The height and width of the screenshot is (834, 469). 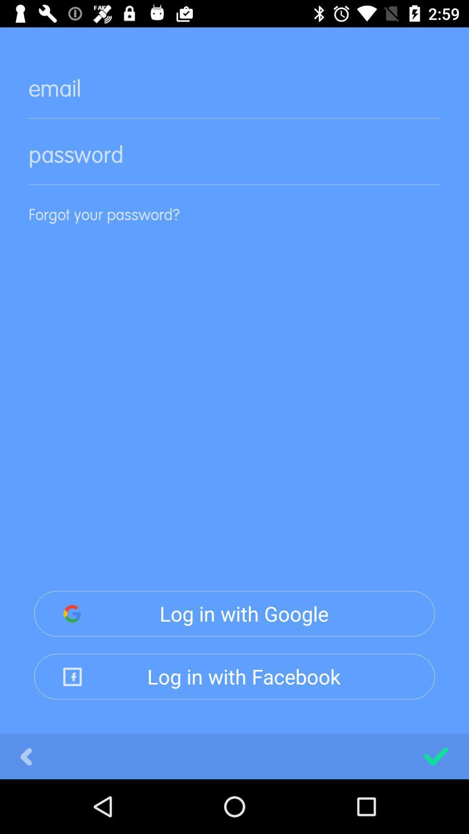 What do you see at coordinates (234, 162) in the screenshot?
I see `shows empty password box` at bounding box center [234, 162].